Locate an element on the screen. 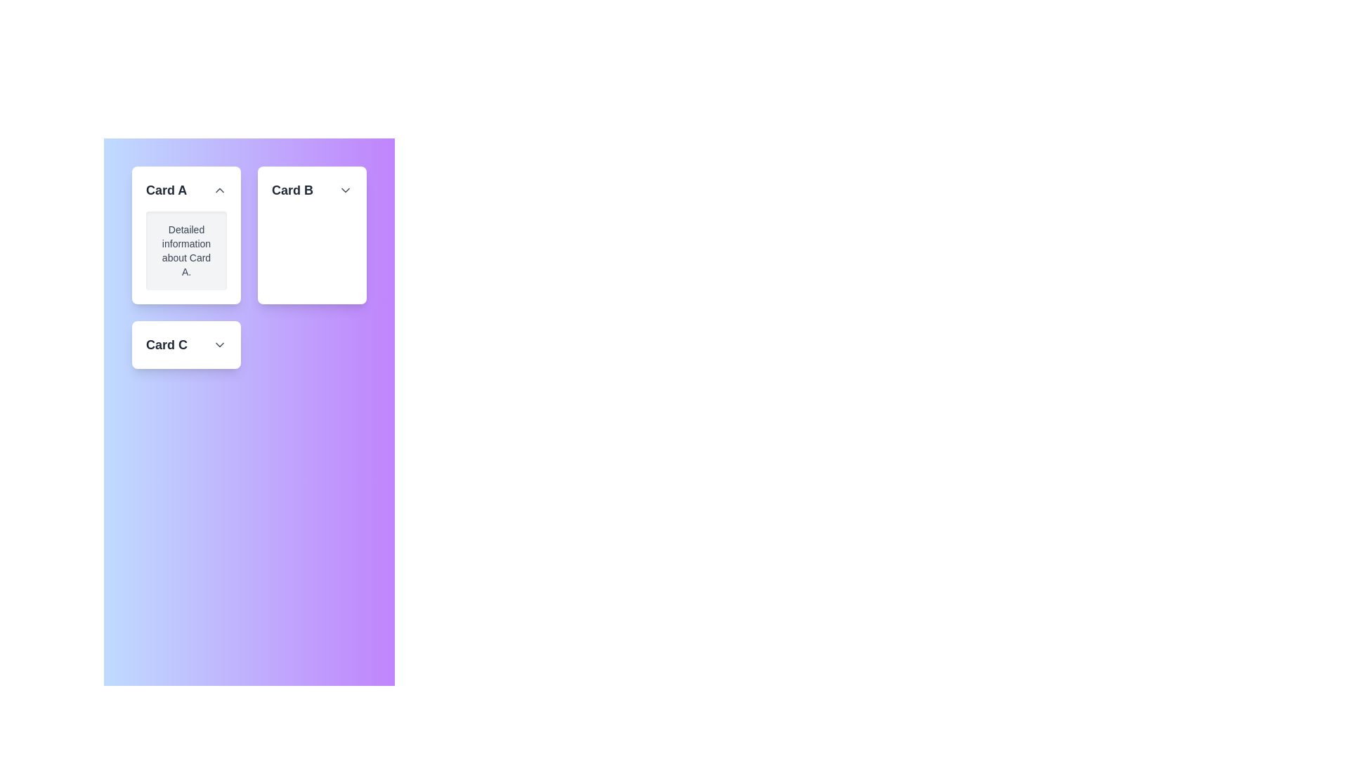  the Dropdown Icon located in the header of 'Card C' to activate any hover effects is located at coordinates (219, 344).